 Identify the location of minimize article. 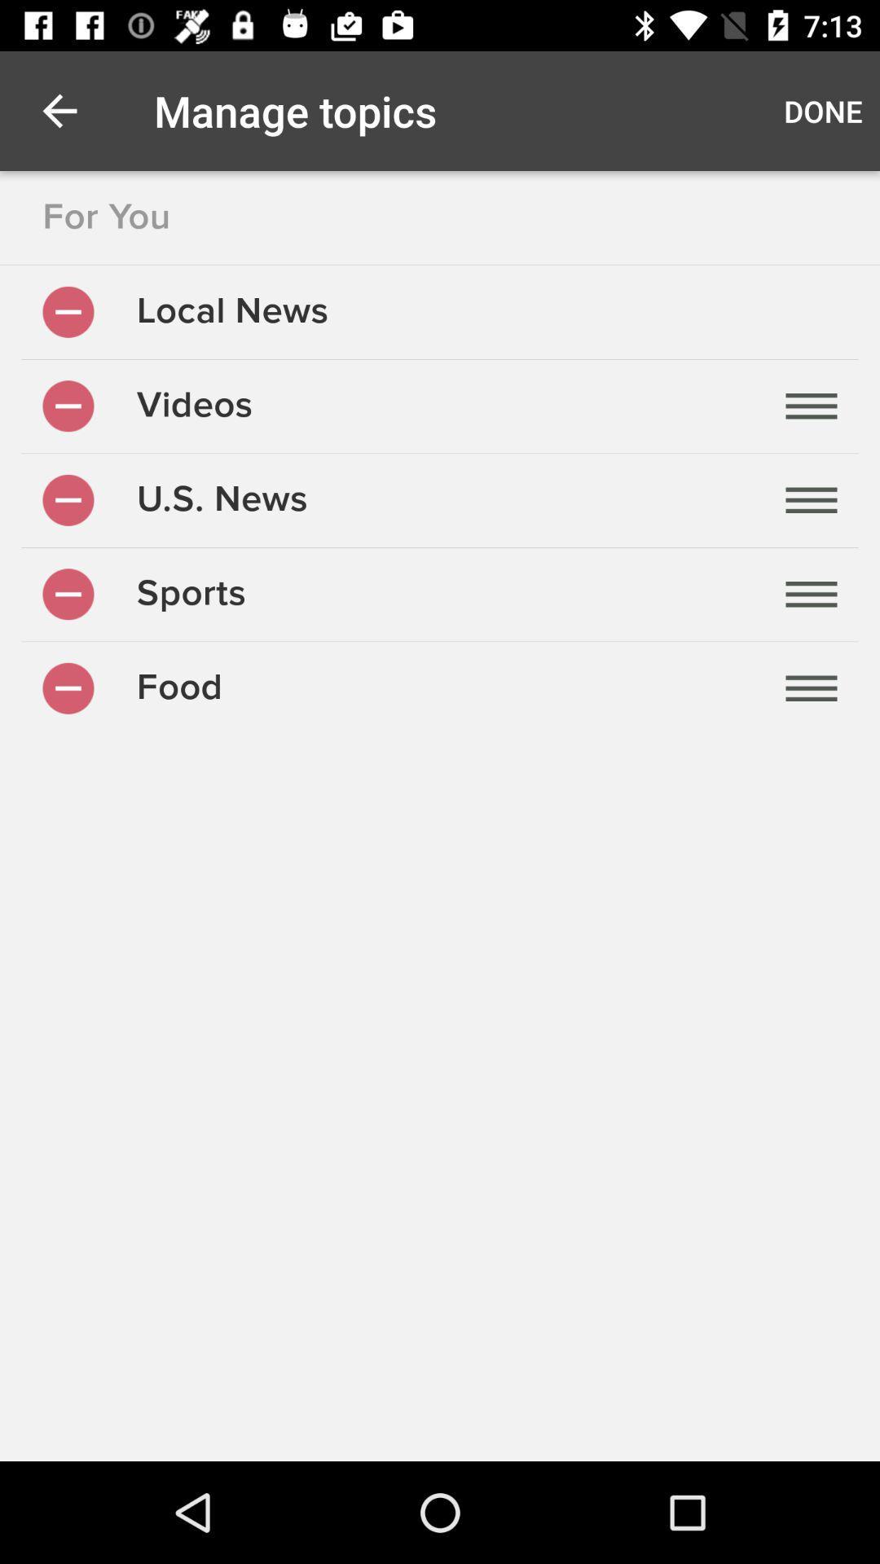
(68, 312).